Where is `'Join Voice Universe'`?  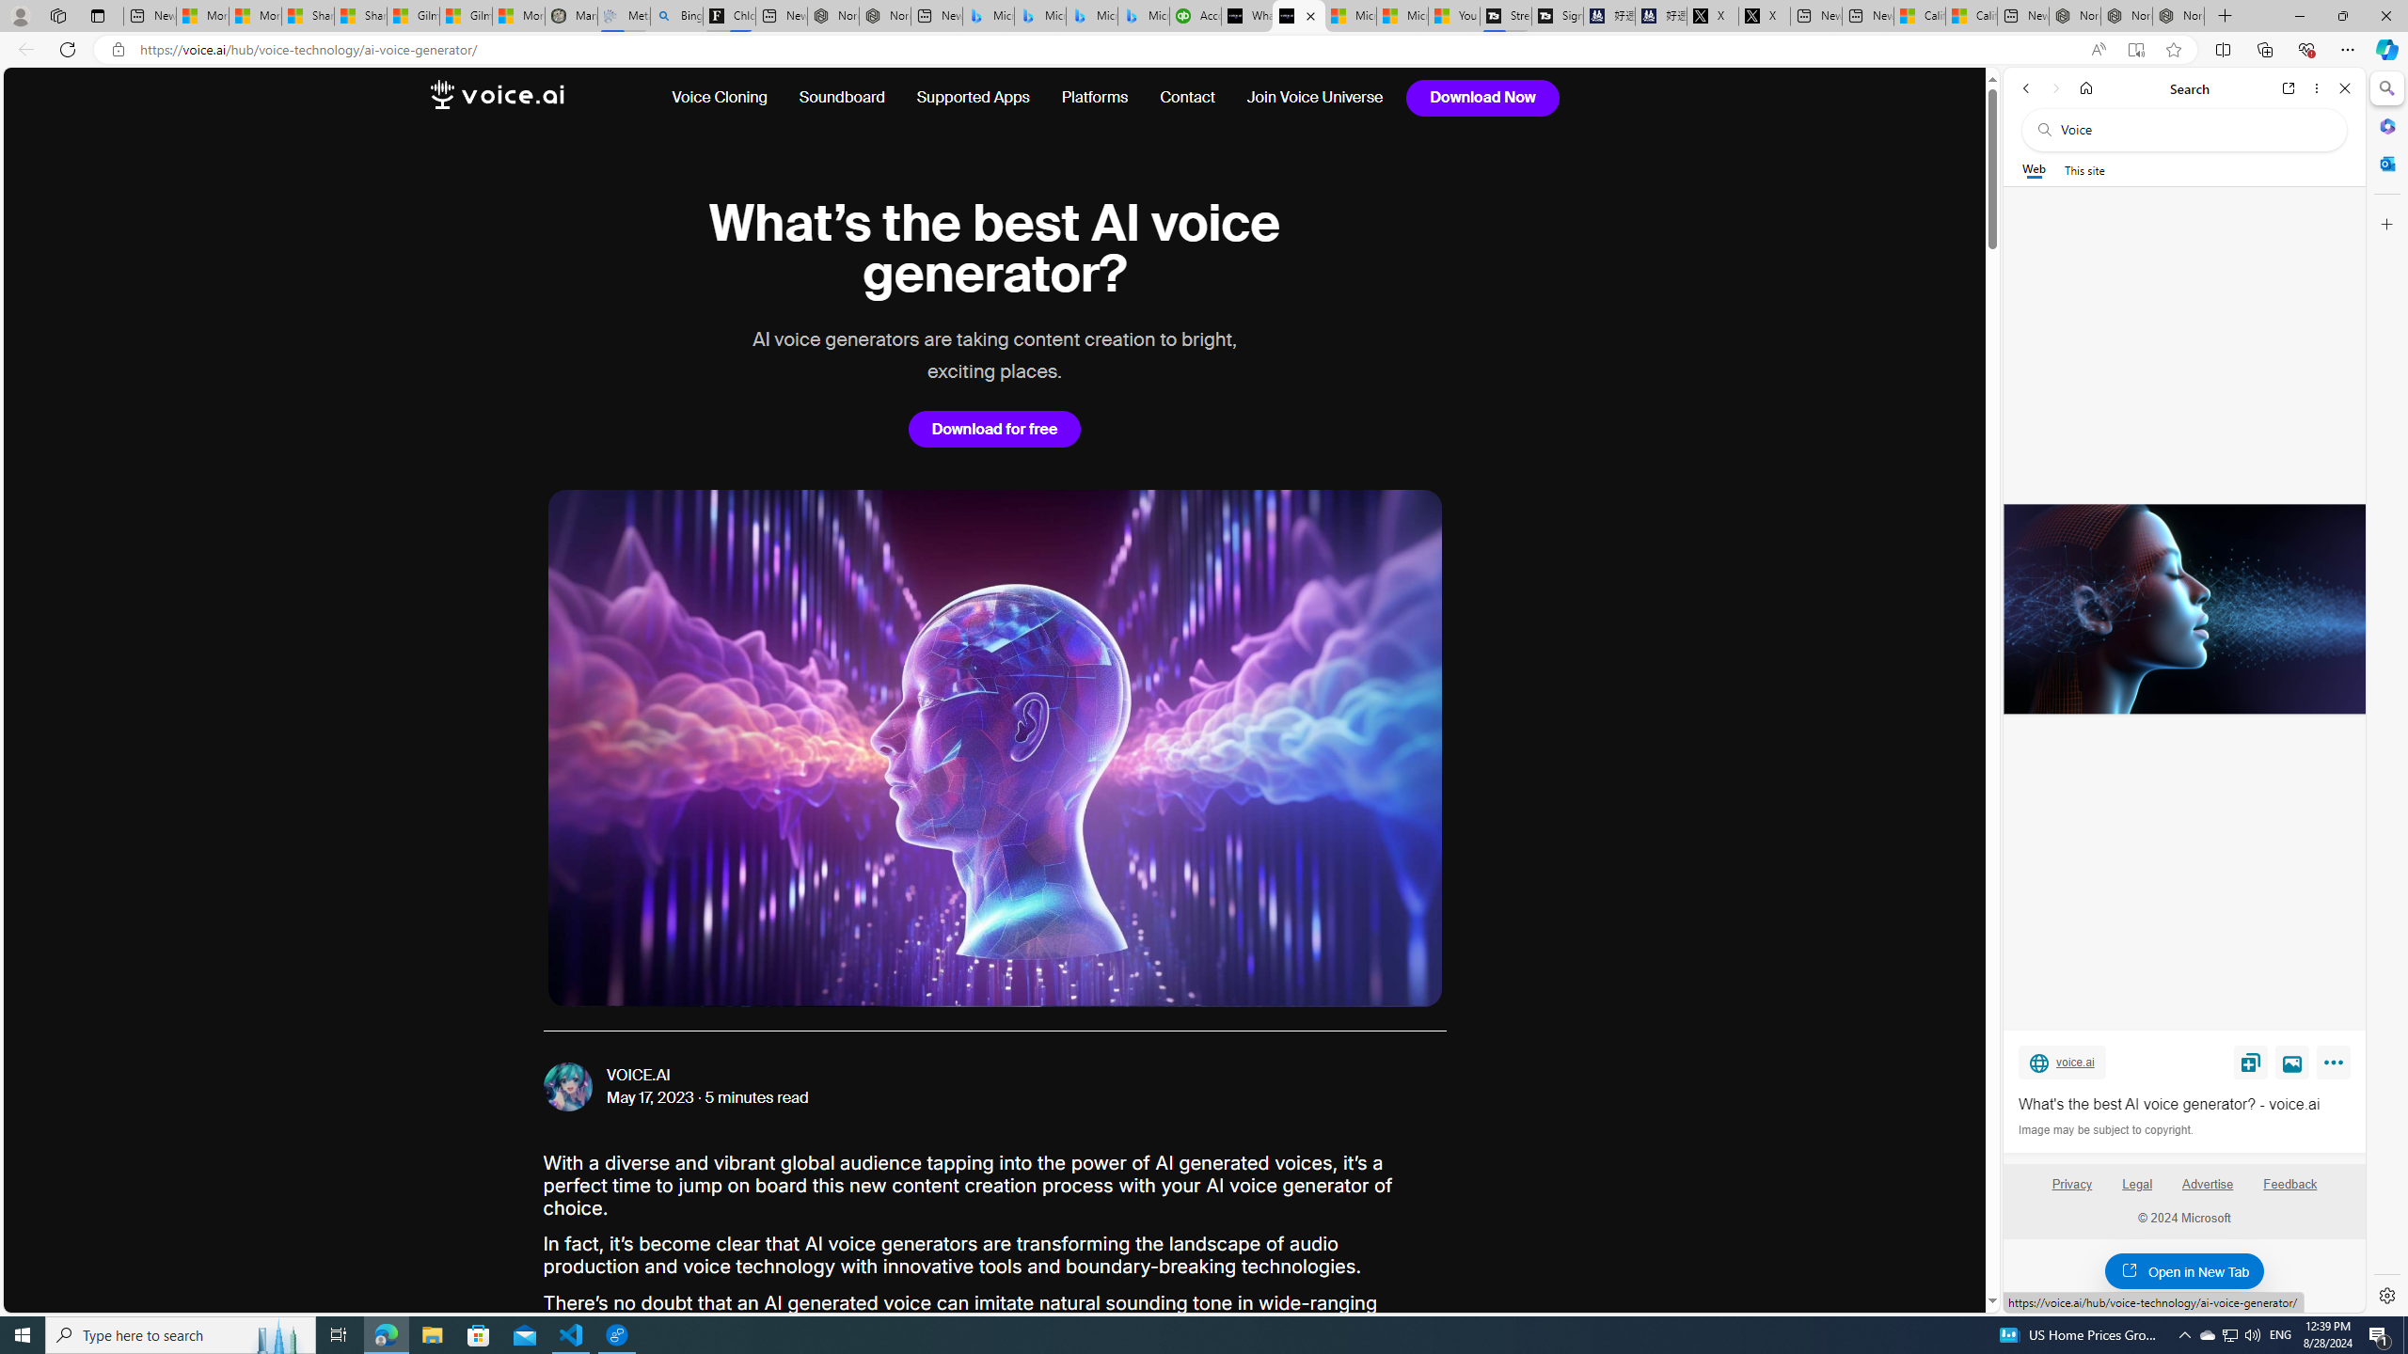 'Join Voice Universe' is located at coordinates (1307, 97).